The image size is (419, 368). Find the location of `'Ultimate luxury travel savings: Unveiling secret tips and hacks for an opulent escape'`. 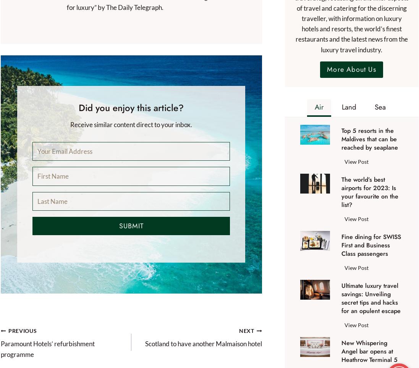

'Ultimate luxury travel savings: Unveiling secret tips and hacks for an opulent escape' is located at coordinates (370, 298).